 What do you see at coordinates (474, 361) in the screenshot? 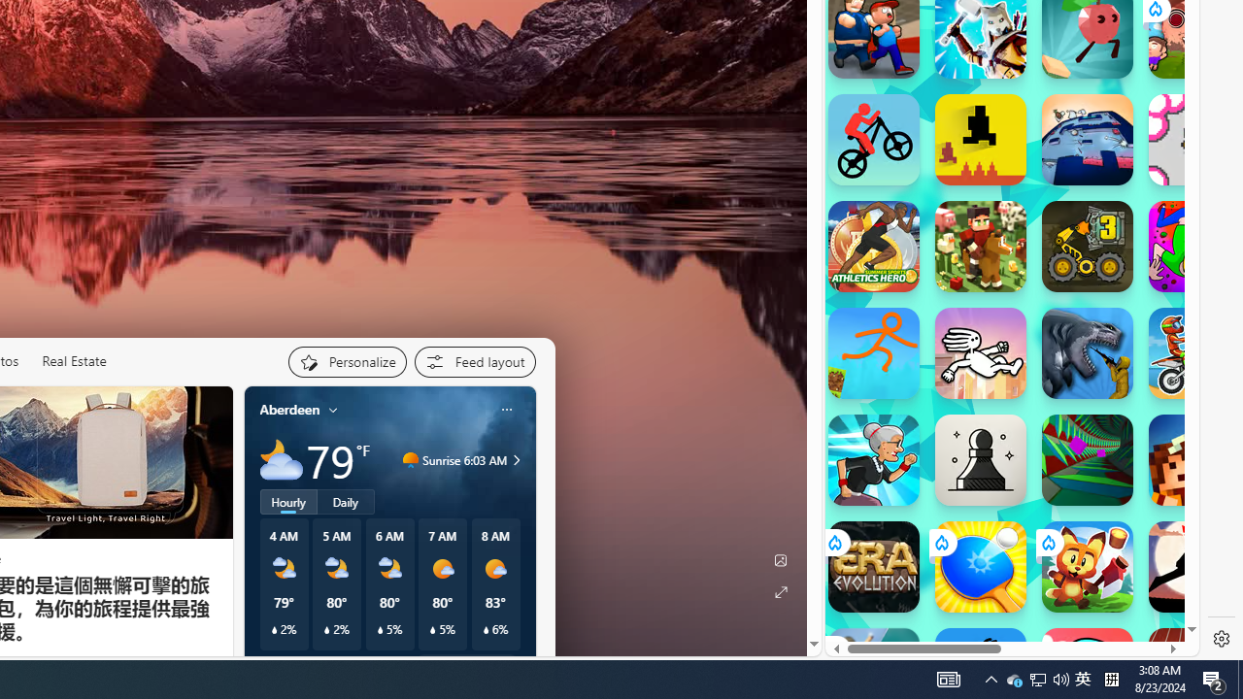
I see `'Feed settings'` at bounding box center [474, 361].